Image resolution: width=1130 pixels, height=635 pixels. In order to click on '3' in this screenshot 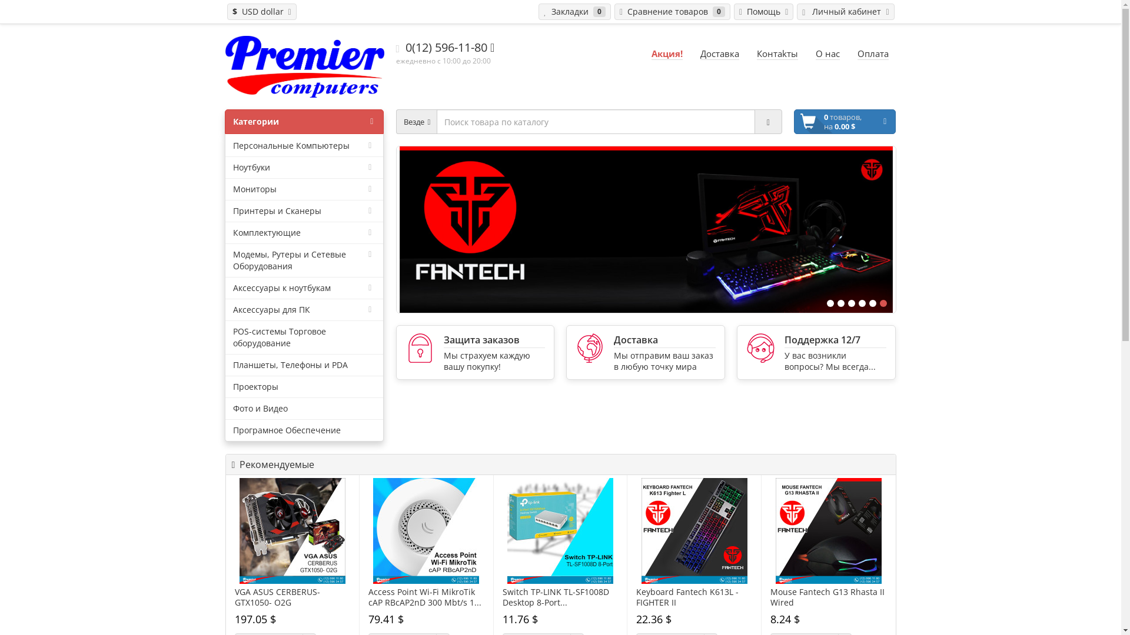, I will do `click(850, 303)`.